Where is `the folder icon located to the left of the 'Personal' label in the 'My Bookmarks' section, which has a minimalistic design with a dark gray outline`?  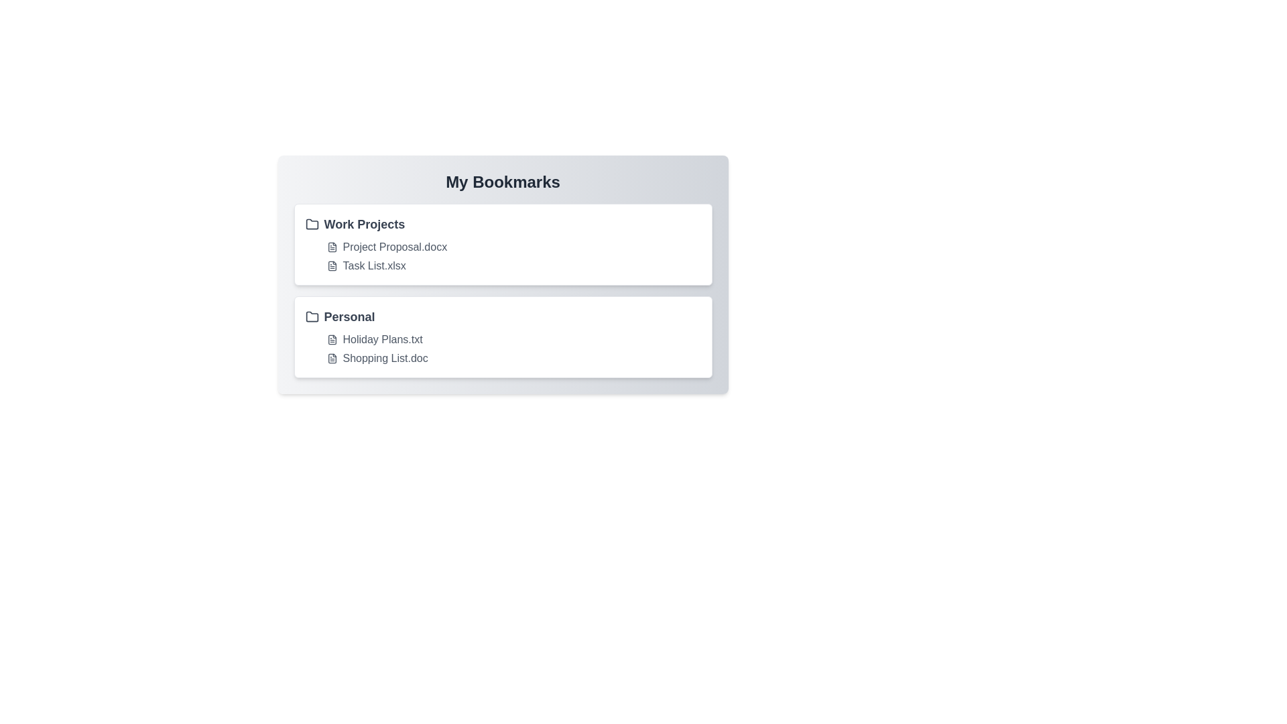 the folder icon located to the left of the 'Personal' label in the 'My Bookmarks' section, which has a minimalistic design with a dark gray outline is located at coordinates (311, 317).